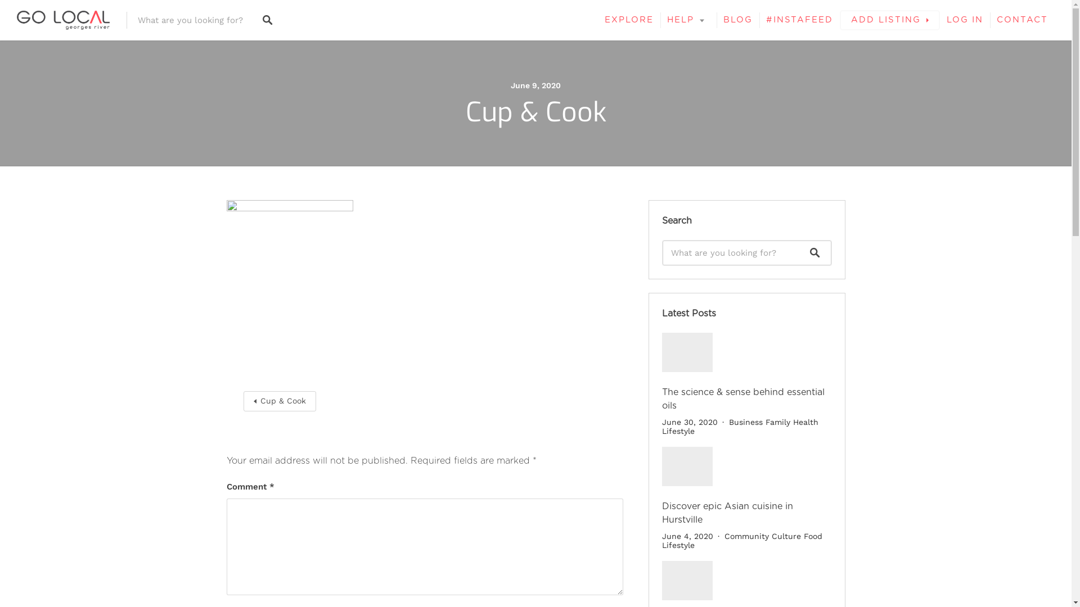 The image size is (1080, 607). Describe the element at coordinates (688, 20) in the screenshot. I see `'HELP'` at that location.